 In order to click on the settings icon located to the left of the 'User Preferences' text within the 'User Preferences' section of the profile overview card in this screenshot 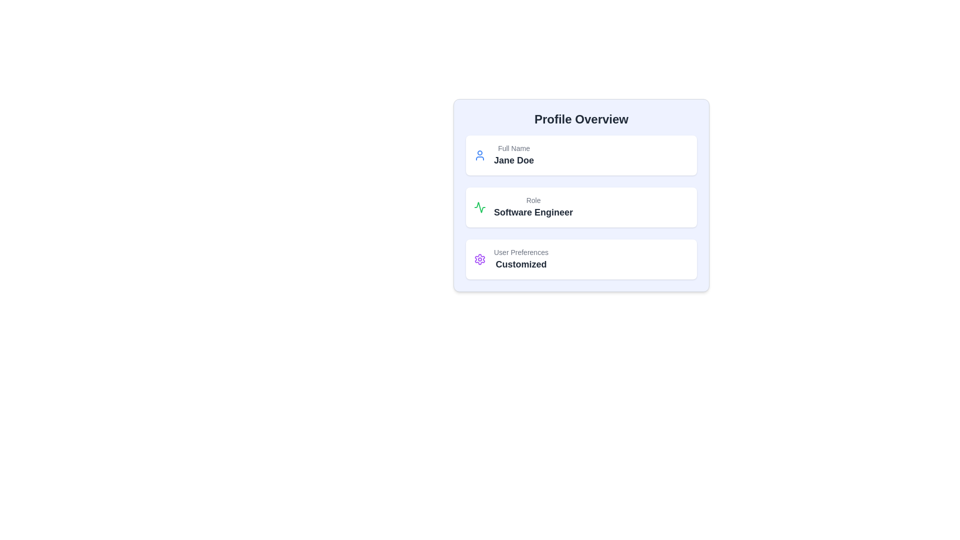, I will do `click(480, 259)`.